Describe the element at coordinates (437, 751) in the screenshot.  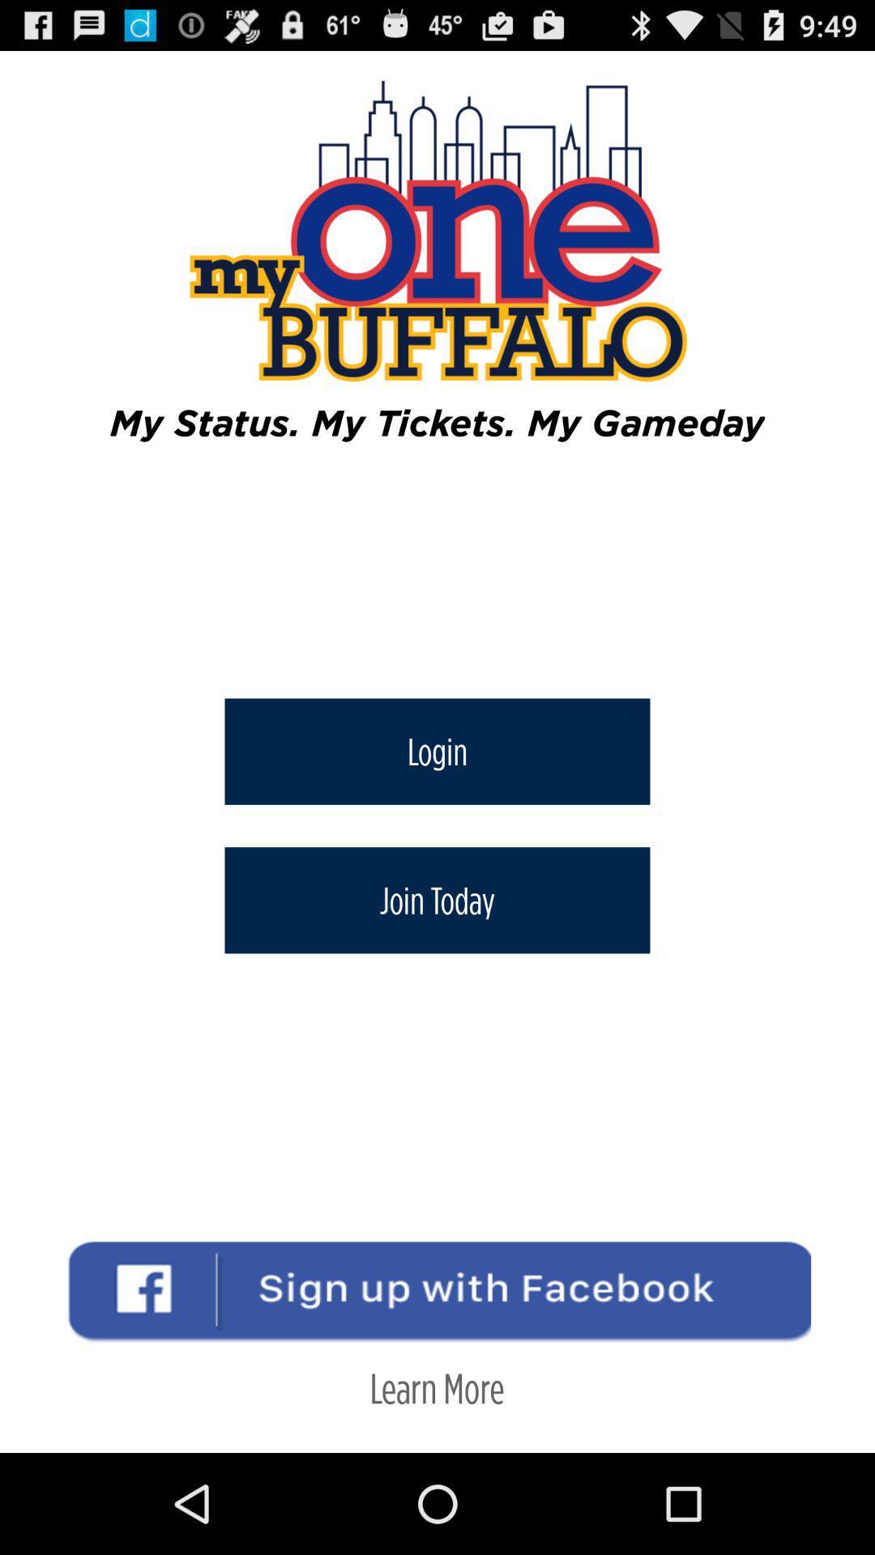
I see `the login item` at that location.